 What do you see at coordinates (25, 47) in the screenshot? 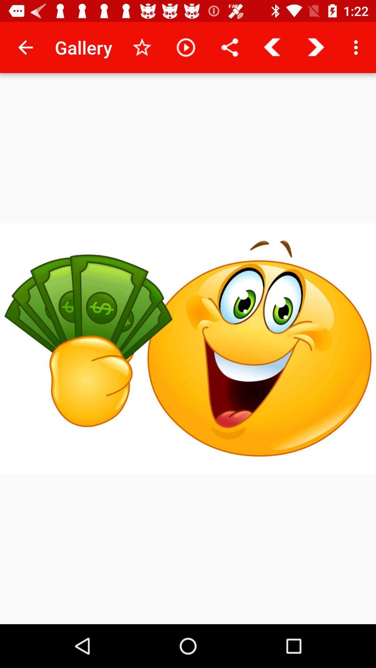
I see `the icon to the left of gallery item` at bounding box center [25, 47].